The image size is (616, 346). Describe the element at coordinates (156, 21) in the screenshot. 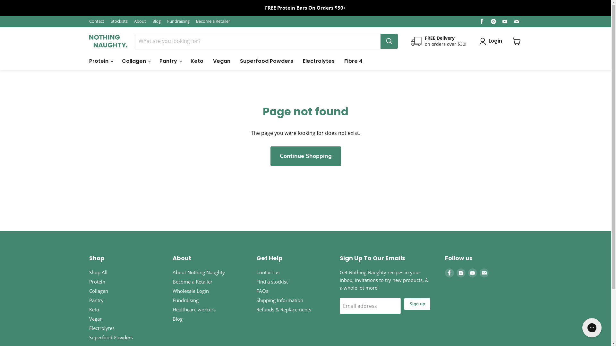

I see `'Blog'` at that location.